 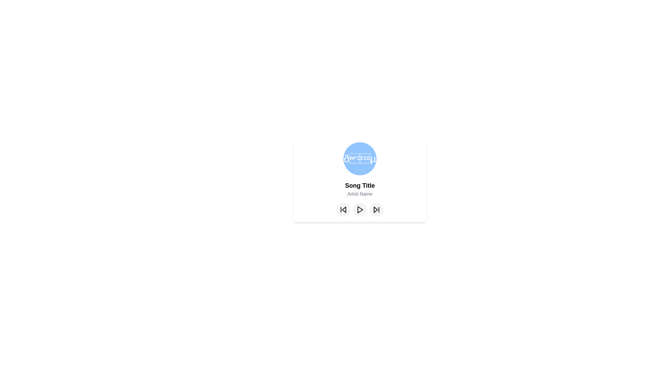 I want to click on the black triangular skip-backwards icon located to the left of the vertical line in the media control row, so click(x=344, y=209).